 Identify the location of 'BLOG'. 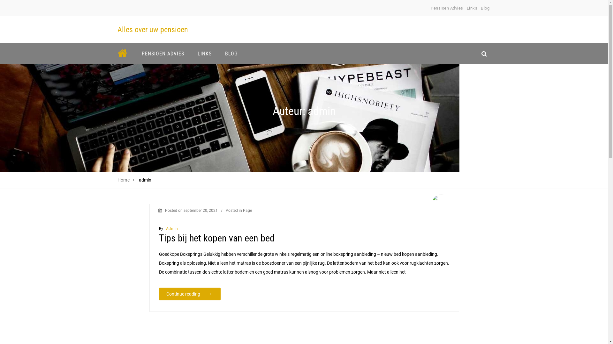
(231, 53).